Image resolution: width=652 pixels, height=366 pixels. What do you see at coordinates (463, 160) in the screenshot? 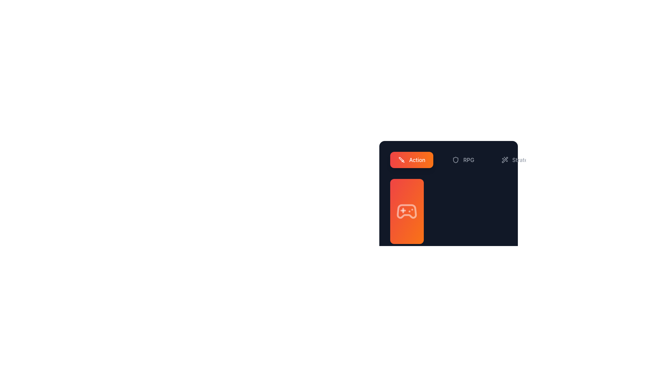
I see `the interactive button labeled 'RPG'` at bounding box center [463, 160].